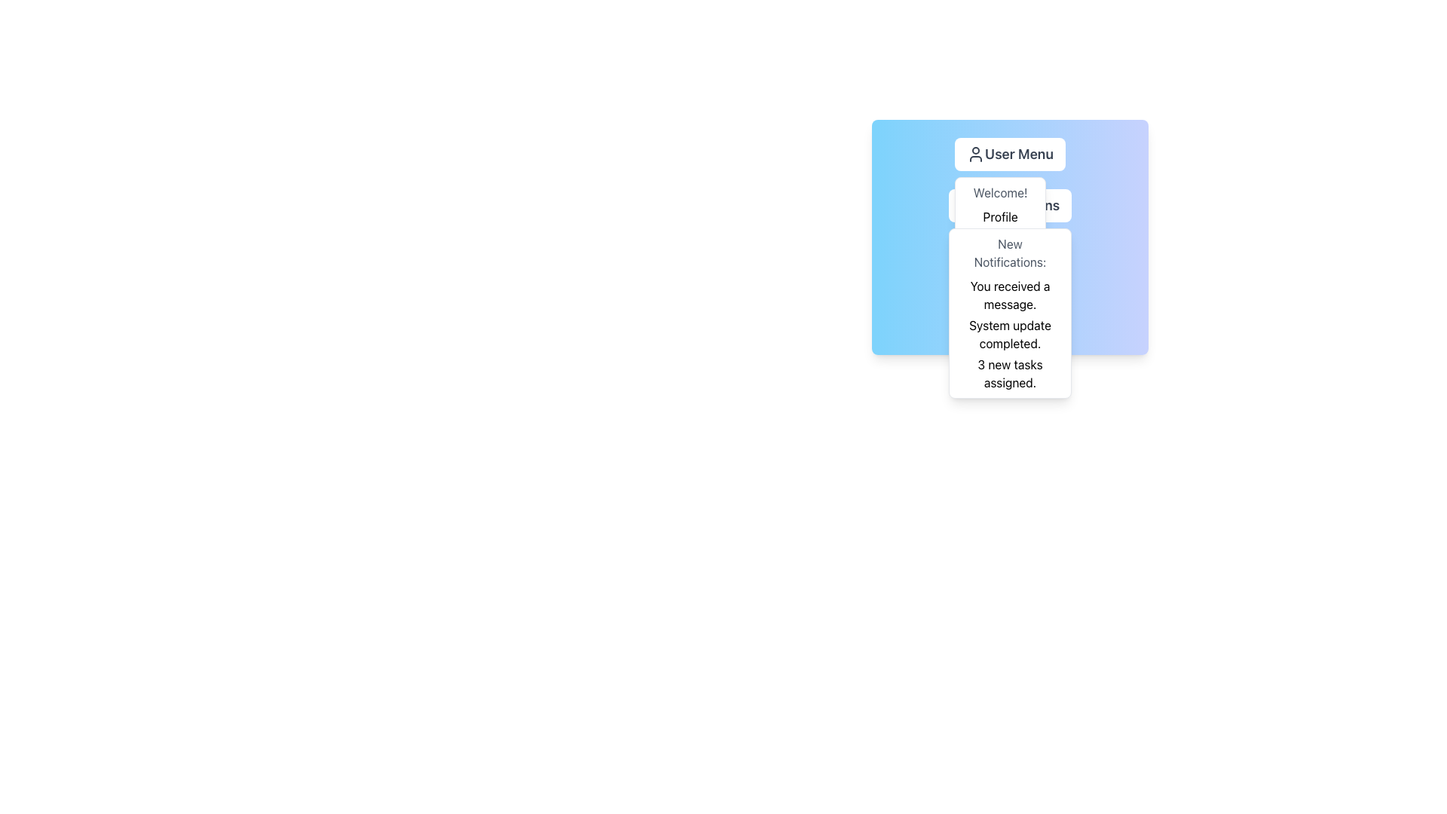  What do you see at coordinates (1010, 206) in the screenshot?
I see `the 'Profile' navigational link item located` at bounding box center [1010, 206].